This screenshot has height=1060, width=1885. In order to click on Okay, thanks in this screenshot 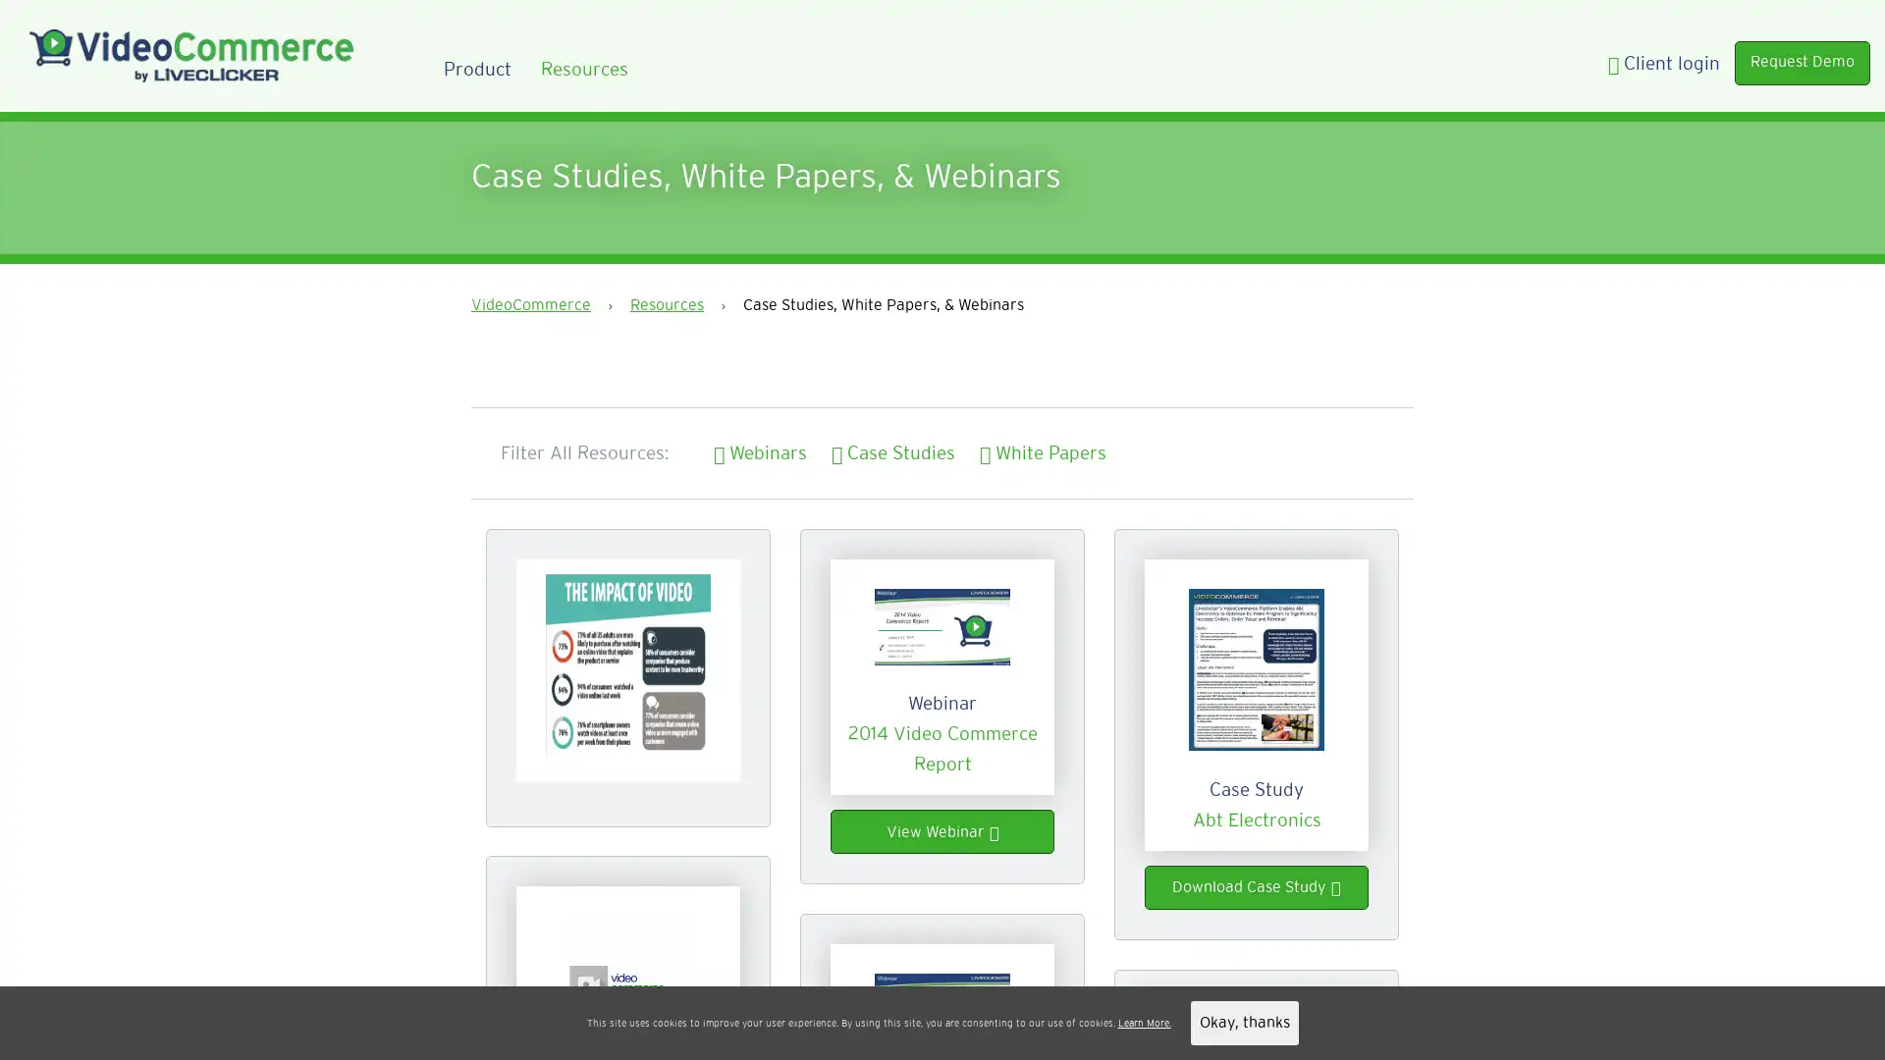, I will do `click(1243, 1022)`.